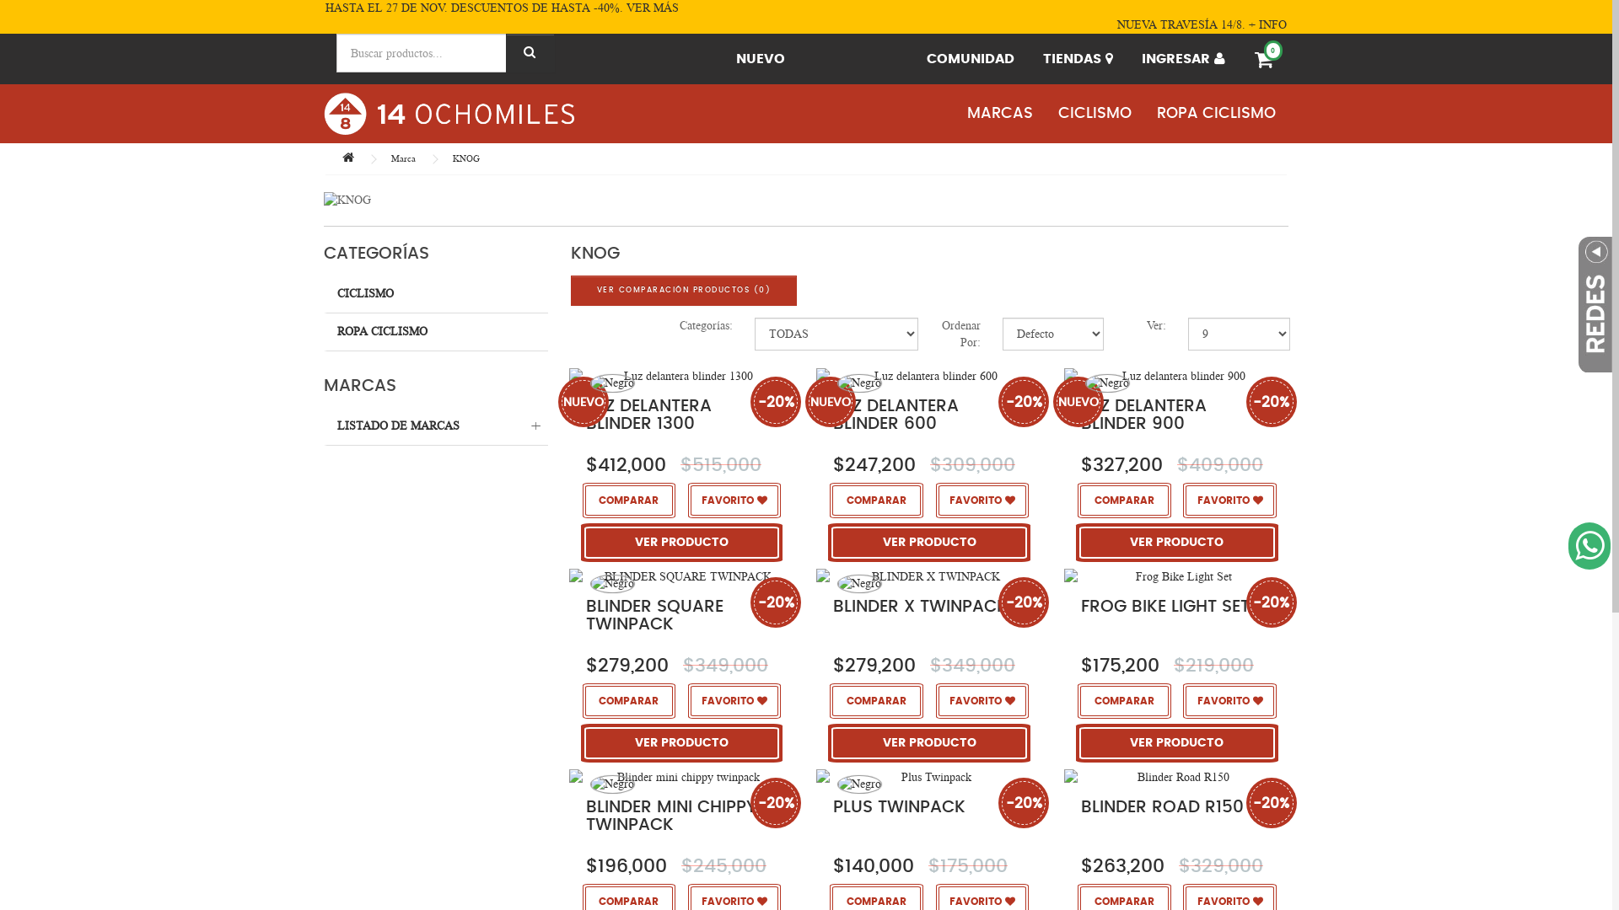 The height and width of the screenshot is (910, 1619). I want to click on 'KNOG', so click(465, 158).